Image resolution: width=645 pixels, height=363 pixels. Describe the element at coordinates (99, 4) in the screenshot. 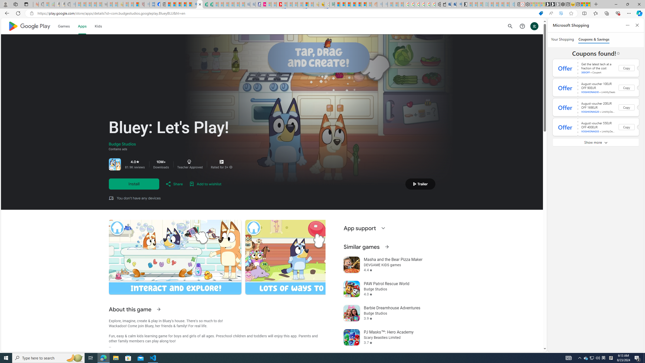

I see `'New Report Confirms 2023 Was Record Hot | Watch - Sleeping'` at that location.